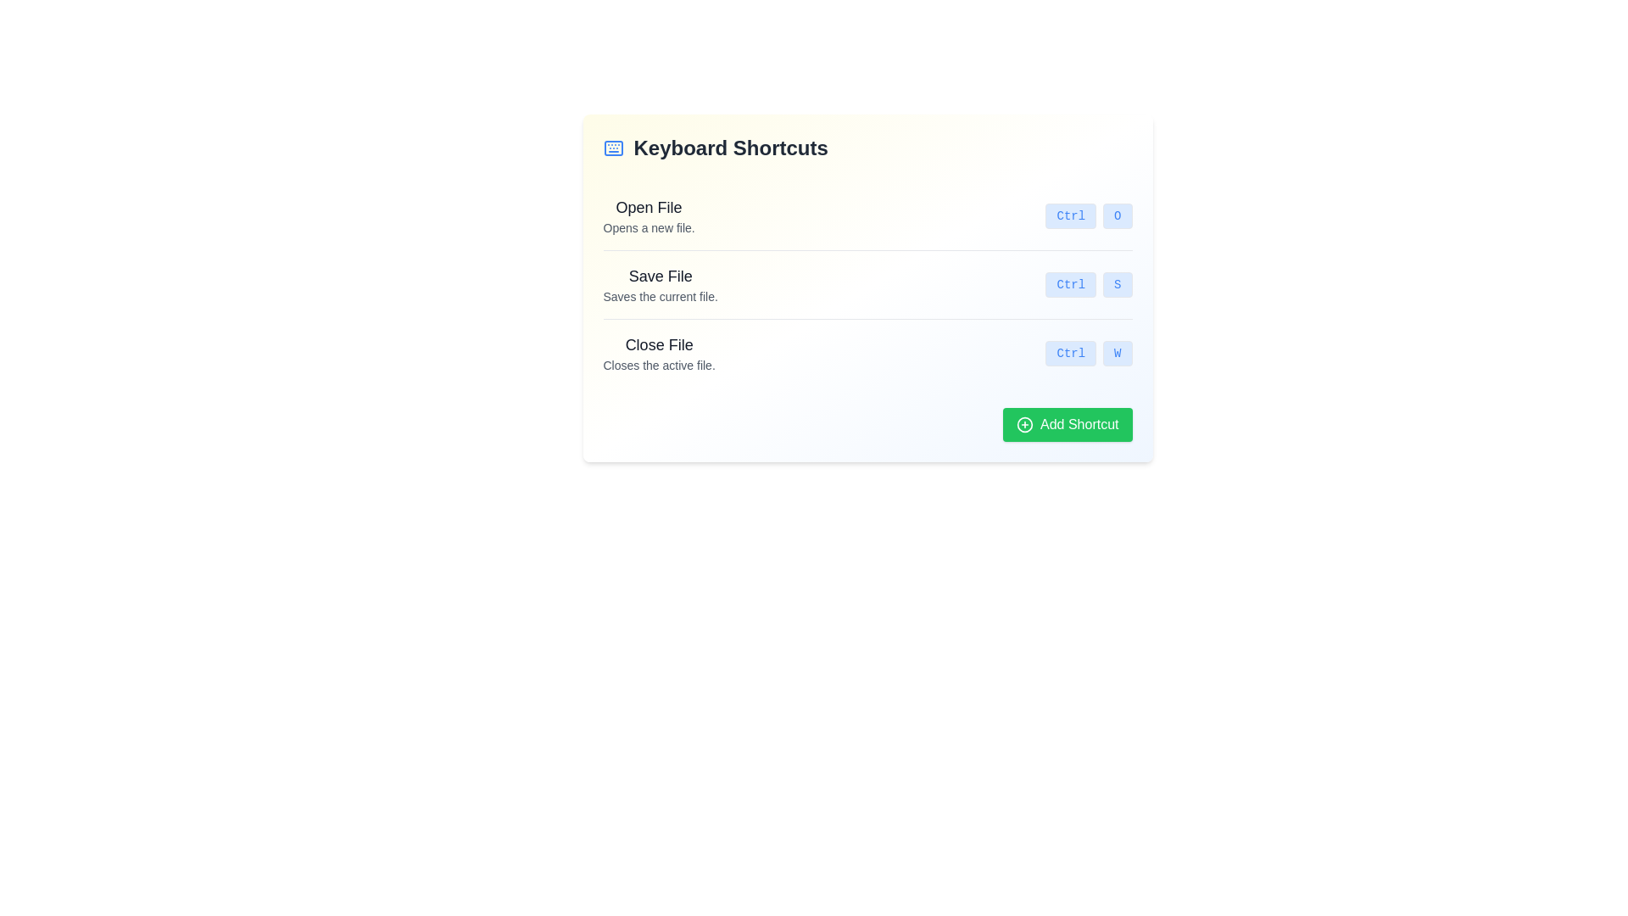  What do you see at coordinates (1024, 424) in the screenshot?
I see `the 'Add Shortcut' button, which is represented by the green button located at the bottom right of the window, containing the Circle in Plus Icon as part of its design` at bounding box center [1024, 424].